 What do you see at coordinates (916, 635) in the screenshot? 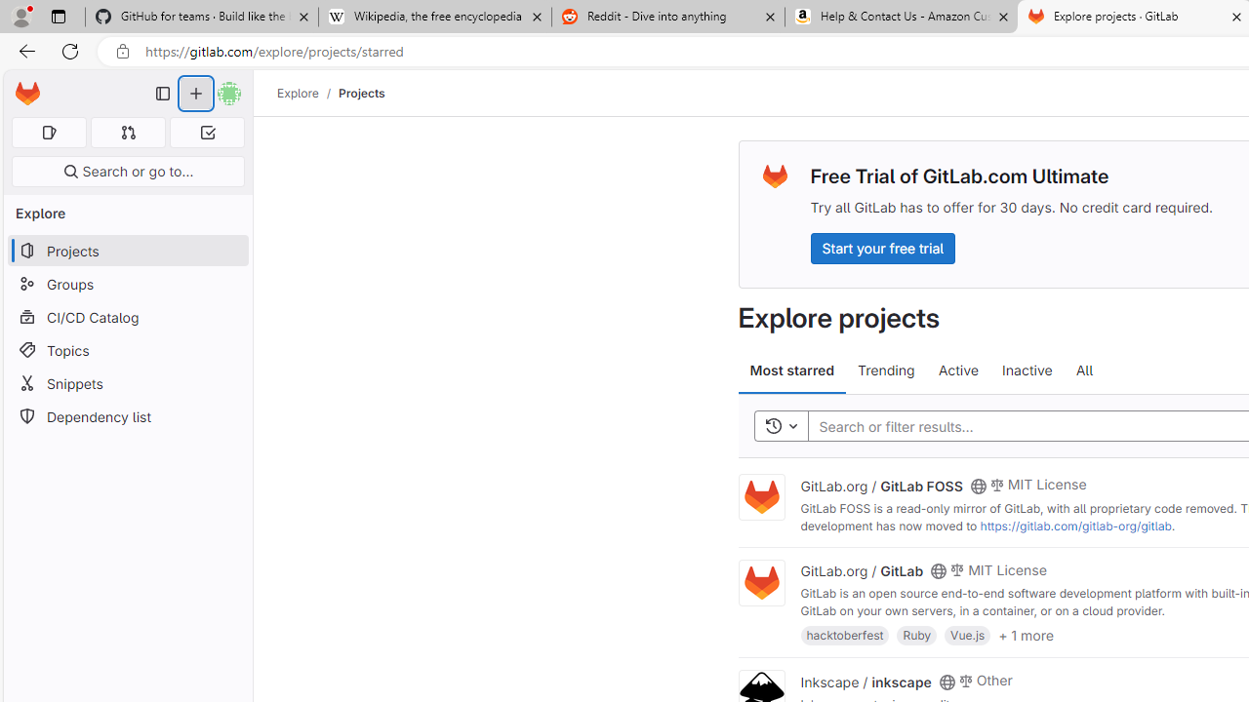
I see `'Ruby'` at bounding box center [916, 635].